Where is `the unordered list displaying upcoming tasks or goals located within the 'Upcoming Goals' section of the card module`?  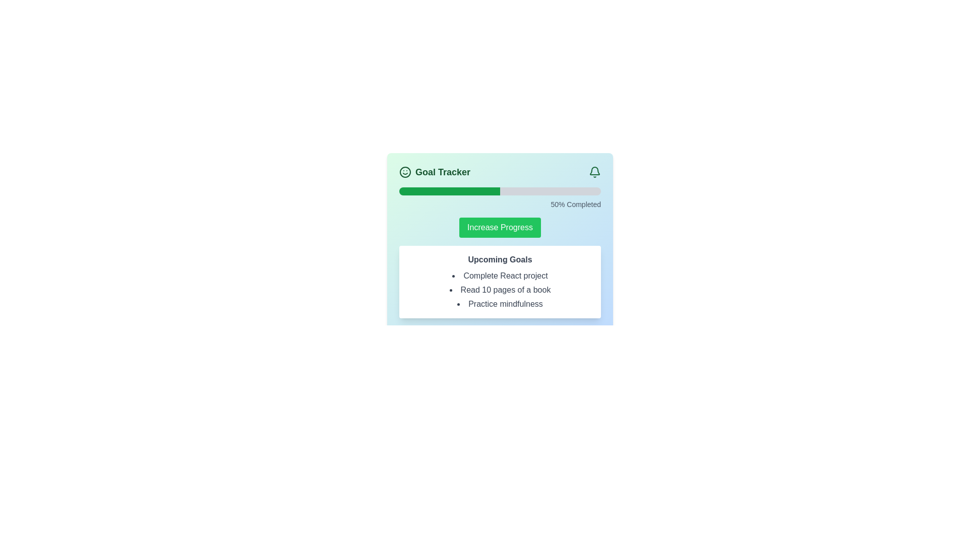
the unordered list displaying upcoming tasks or goals located within the 'Upcoming Goals' section of the card module is located at coordinates (500, 290).